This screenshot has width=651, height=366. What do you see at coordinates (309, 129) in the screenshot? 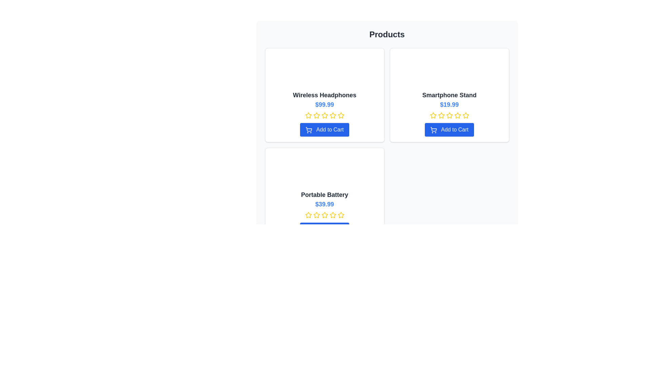
I see `the 'Add to Cart' button which features a shopping cart icon, indicating the action will add the product 'Wireless Headphones' to the shopping cart` at bounding box center [309, 129].